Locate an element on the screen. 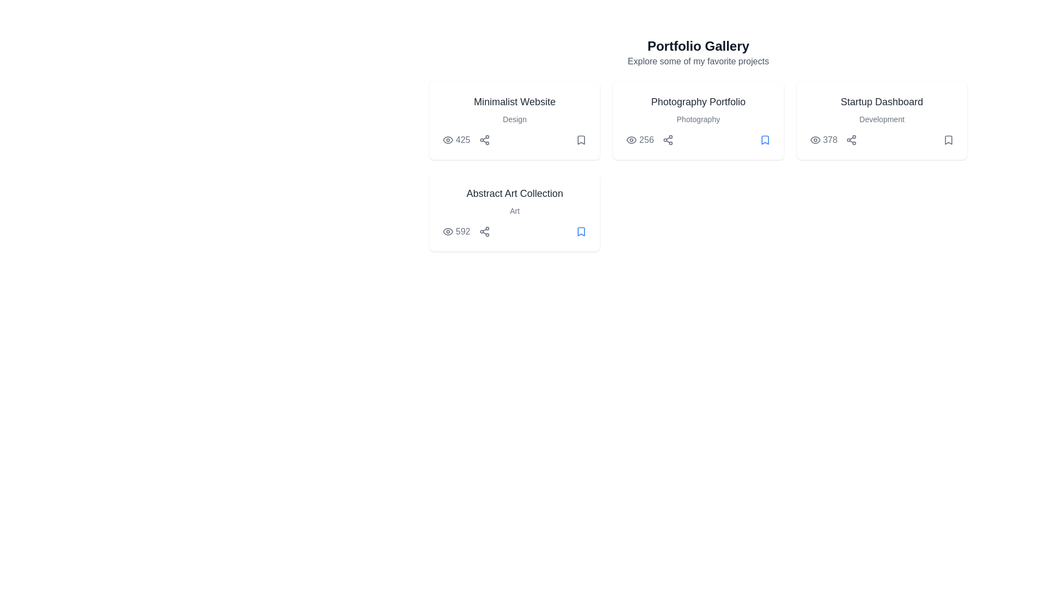 This screenshot has width=1048, height=589. the blue bookmark icon located at the bottom-left corner of the 'Abstract Art Collection' card to bookmark the project is located at coordinates (581, 231).